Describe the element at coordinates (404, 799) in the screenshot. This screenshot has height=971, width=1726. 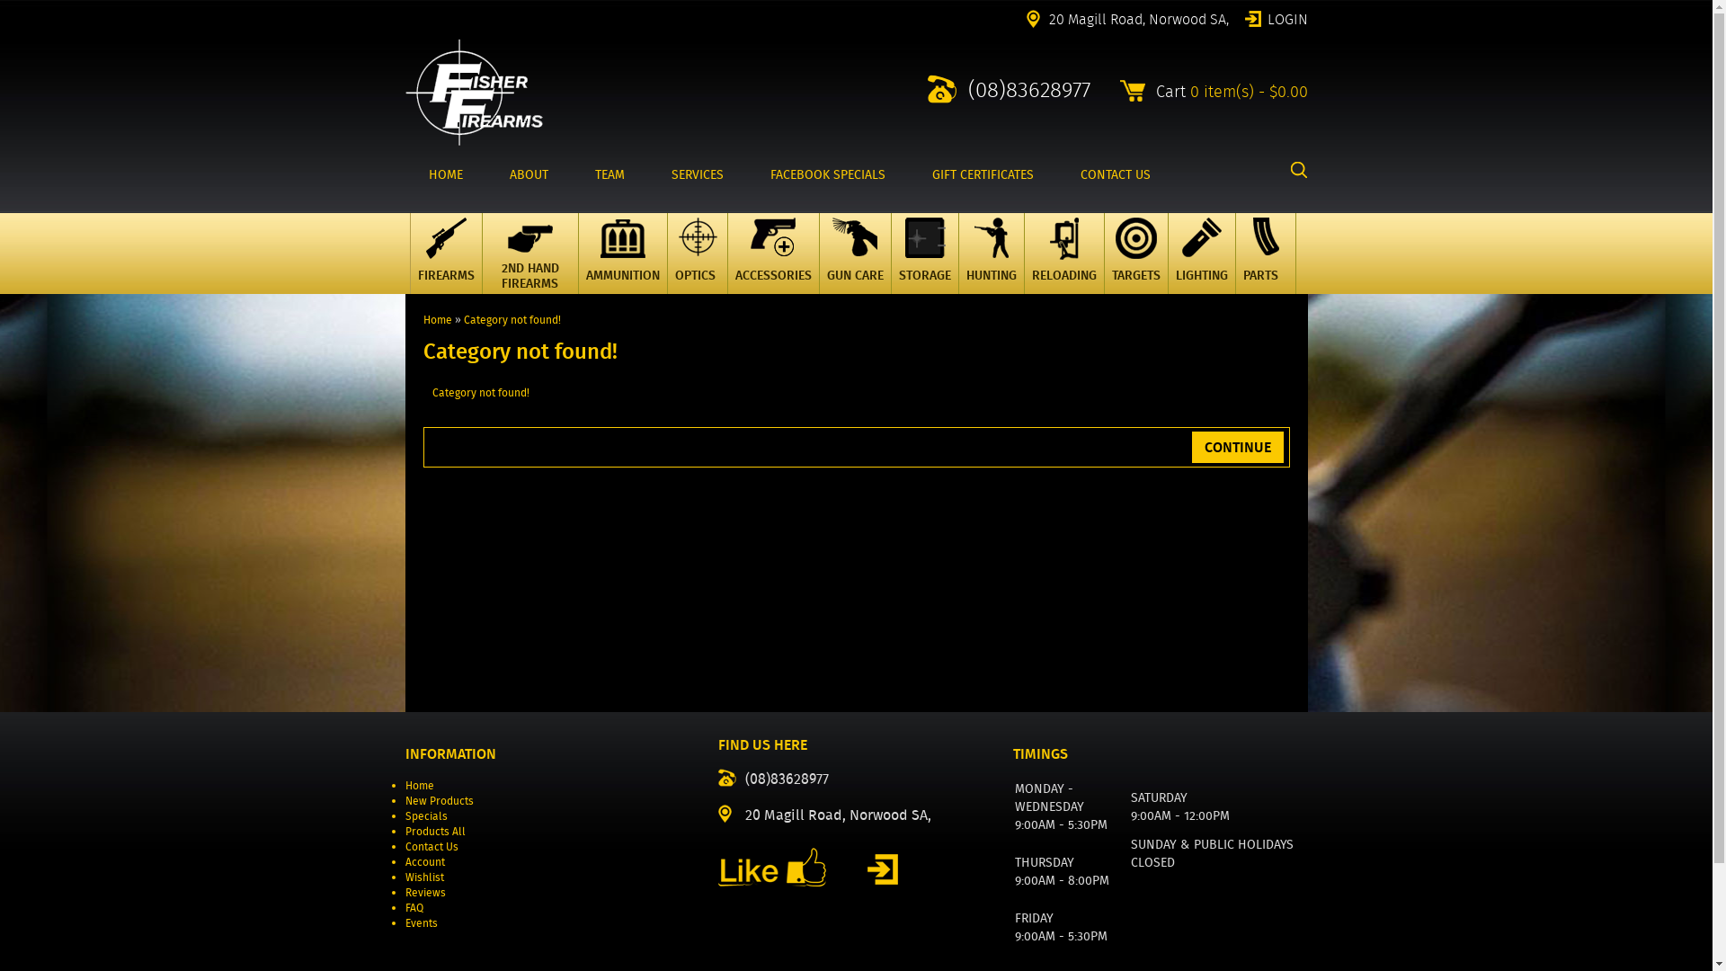
I see `'New Products'` at that location.